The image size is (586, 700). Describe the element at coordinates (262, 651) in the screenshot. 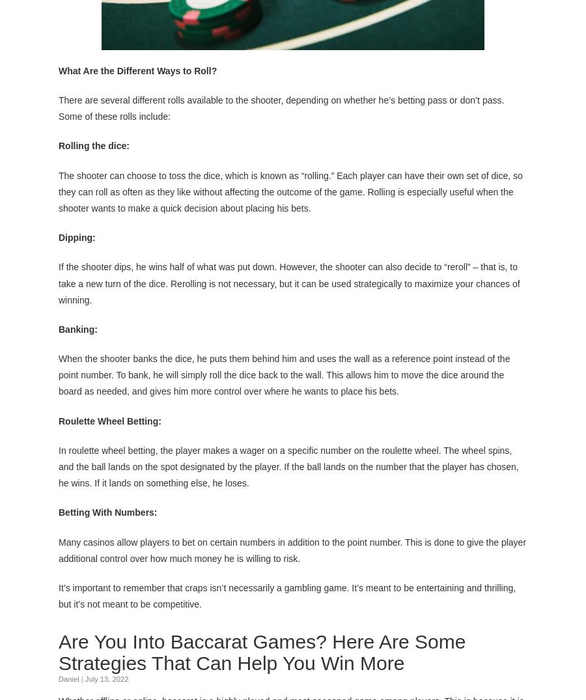

I see `'Are You Into Baccarat Games? Here Are Some Strategies That Can Help You Win More'` at that location.